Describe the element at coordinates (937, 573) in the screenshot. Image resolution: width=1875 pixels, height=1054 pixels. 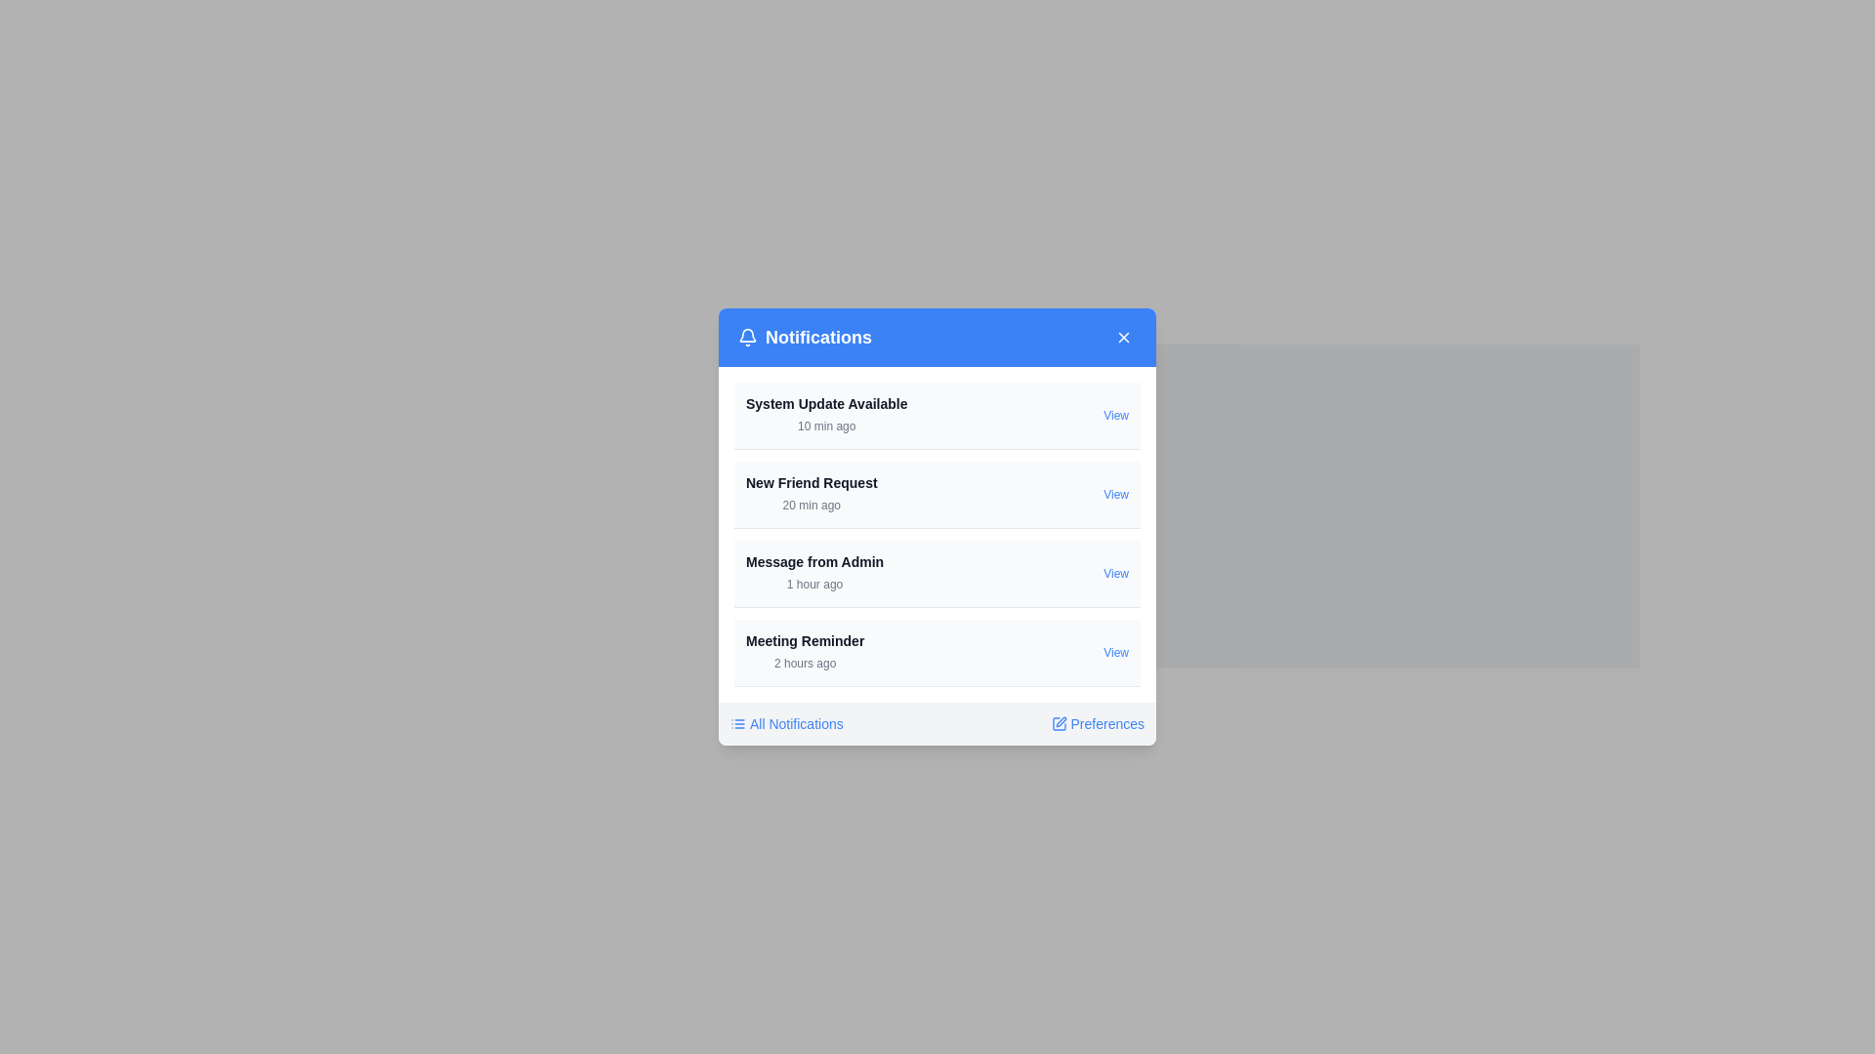
I see `the Notification card, which is the third item in the vertical list of notifications, positioned between 'New Friend Request' and 'Meeting Reminder'` at that location.